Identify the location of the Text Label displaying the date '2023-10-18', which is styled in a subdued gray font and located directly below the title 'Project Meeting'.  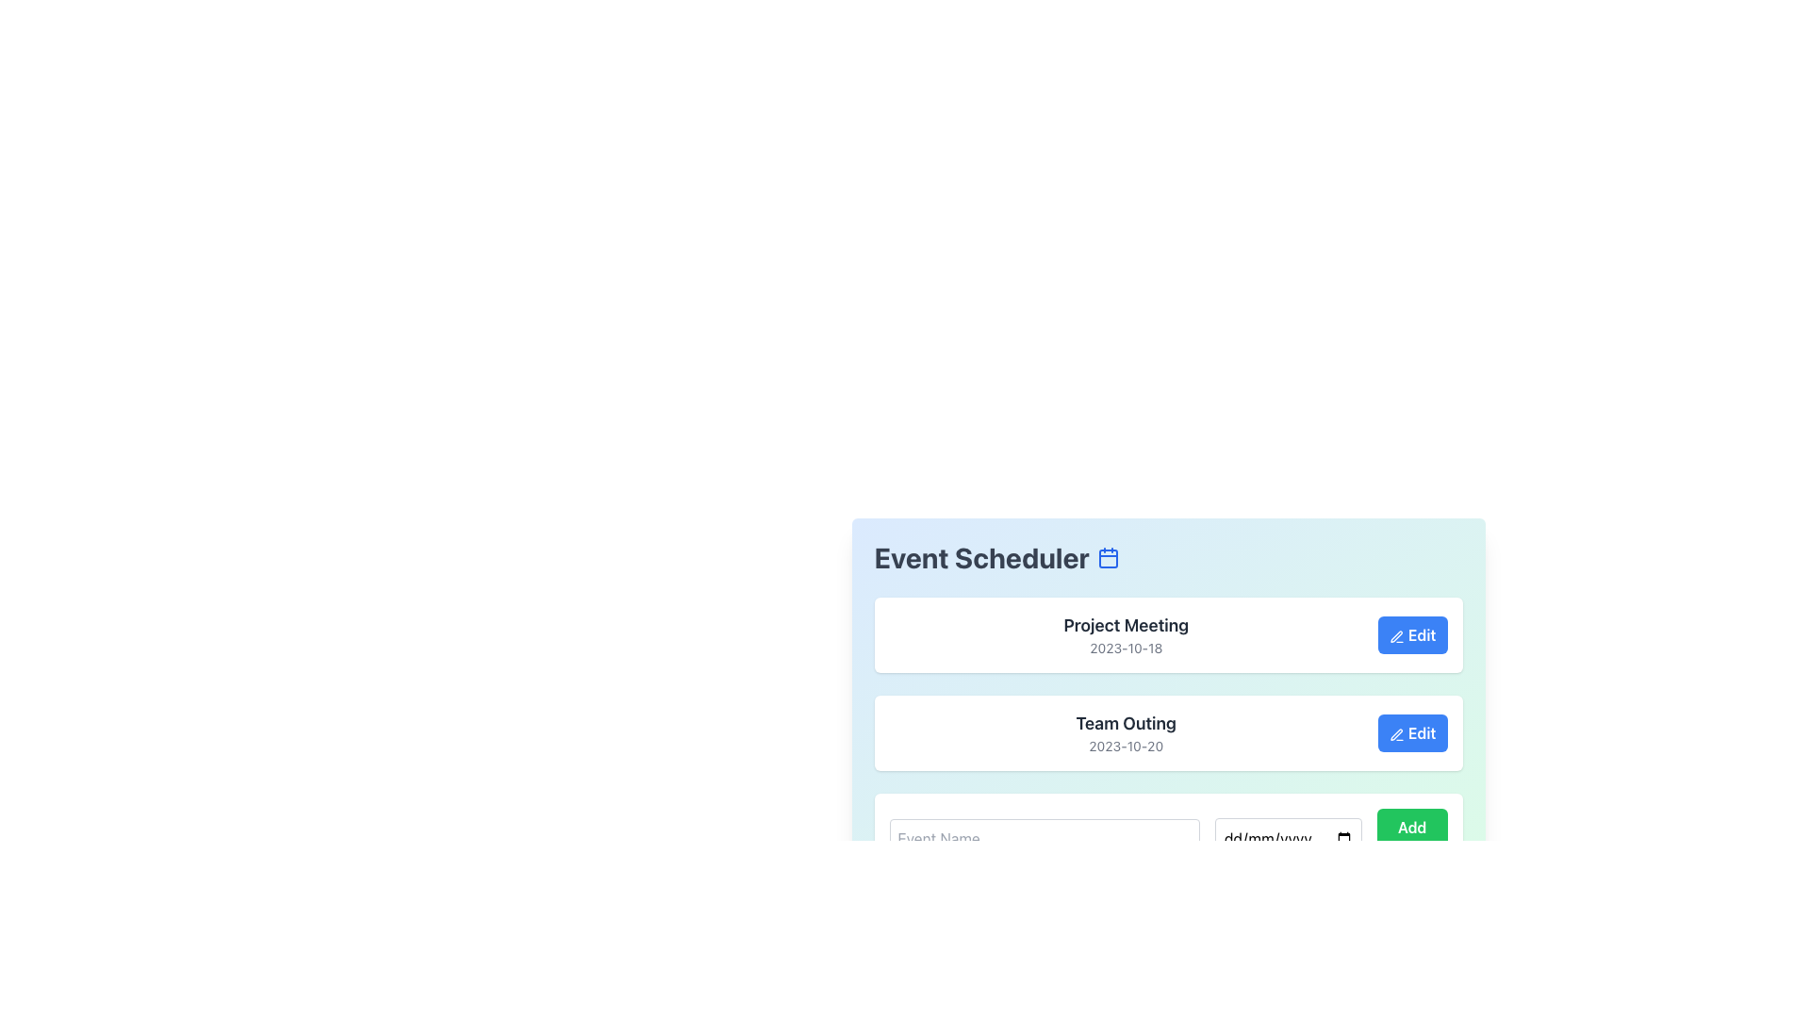
(1126, 647).